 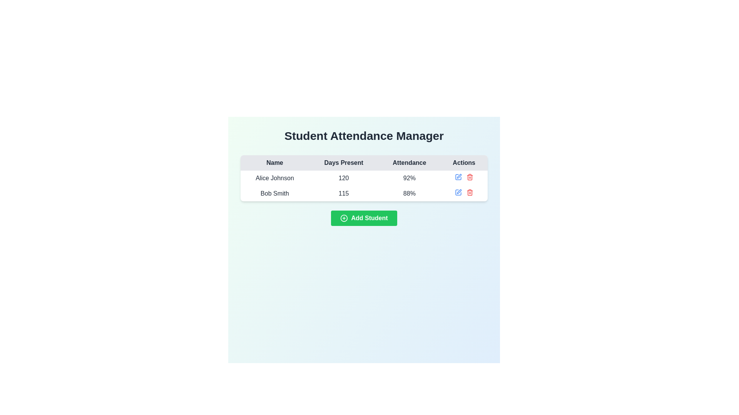 I want to click on text content of the table cell displaying '88%' in bold style, located in the Attendance column under the row containing 'Bob Smith', so click(x=409, y=193).